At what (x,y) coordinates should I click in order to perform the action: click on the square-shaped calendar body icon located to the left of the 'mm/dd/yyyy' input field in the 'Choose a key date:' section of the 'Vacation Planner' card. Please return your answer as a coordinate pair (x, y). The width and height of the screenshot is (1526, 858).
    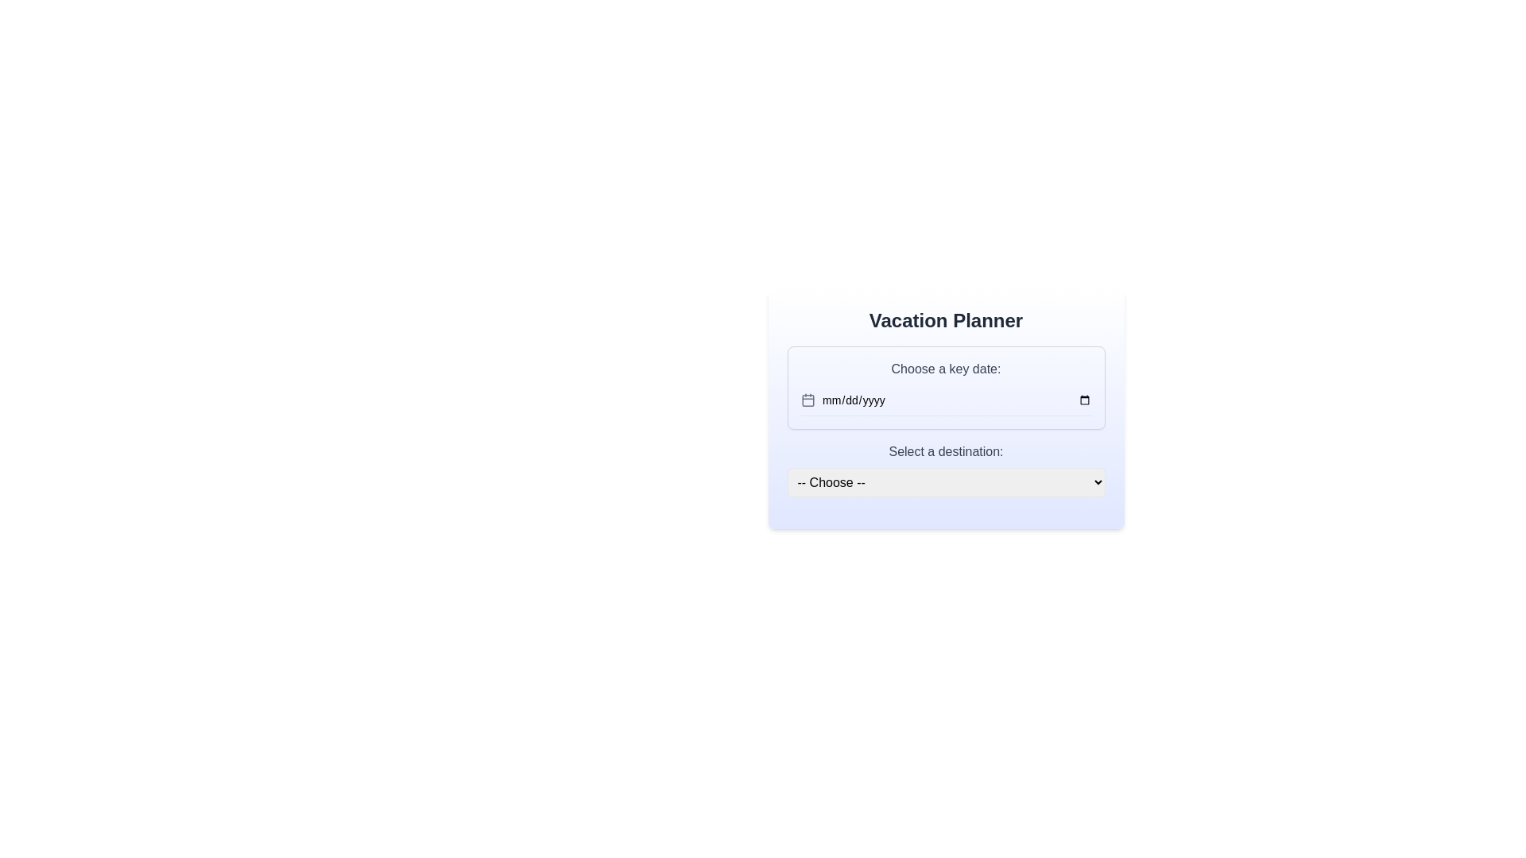
    Looking at the image, I should click on (808, 400).